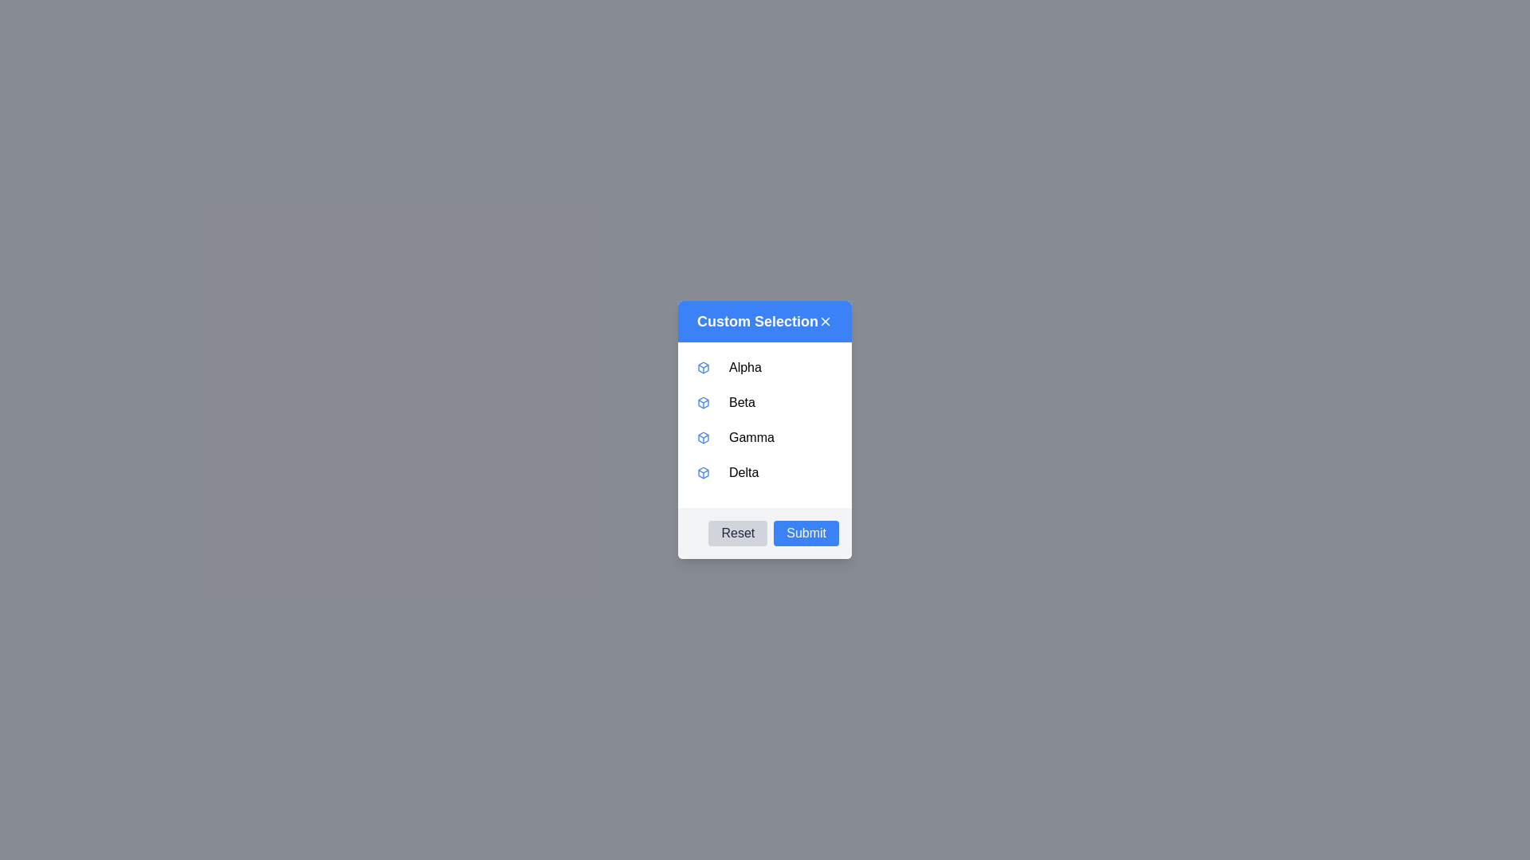  What do you see at coordinates (737, 534) in the screenshot?
I see `the 'Reset' button, which is a rounded rectangular button with medium-dark gray text on a light gray background, located below a selection list and to the left of the 'Submit' button in the footer section of a popup card` at bounding box center [737, 534].